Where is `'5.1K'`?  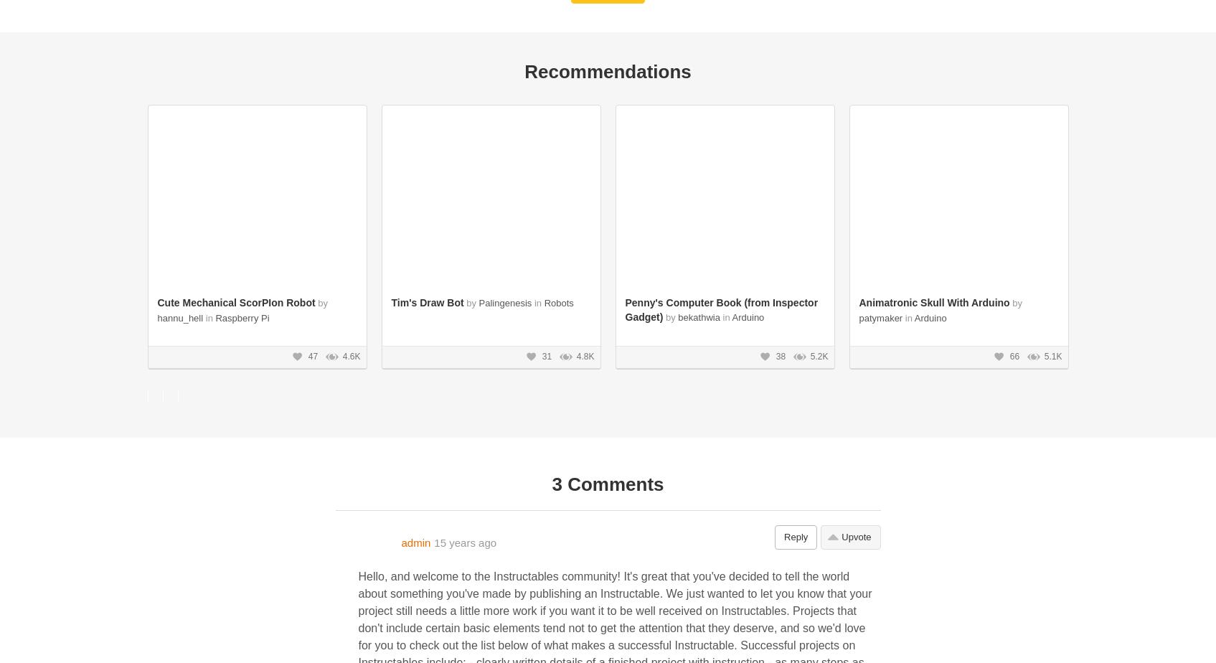
'5.1K' is located at coordinates (1052, 356).